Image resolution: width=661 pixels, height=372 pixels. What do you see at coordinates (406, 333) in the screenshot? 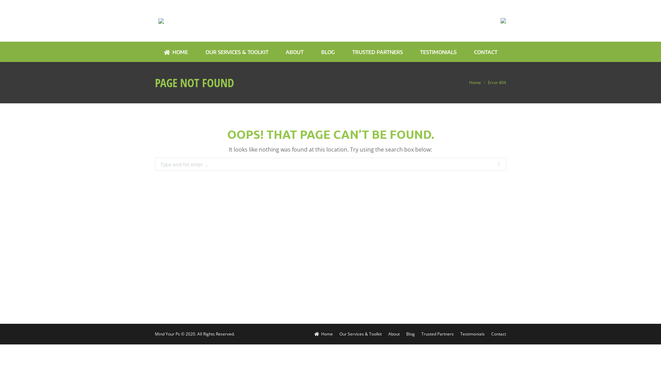
I see `'Blog'` at bounding box center [406, 333].